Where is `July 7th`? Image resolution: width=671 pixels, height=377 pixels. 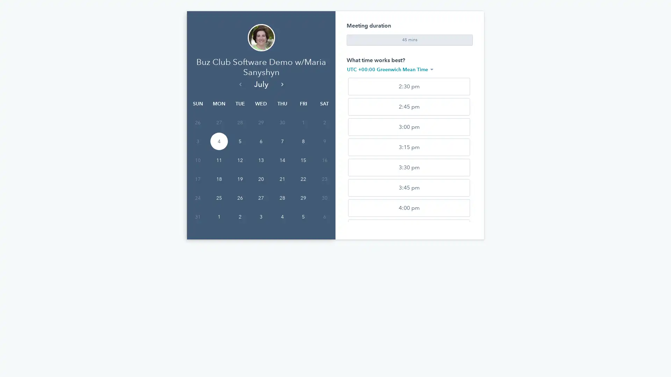 July 7th is located at coordinates (282, 168).